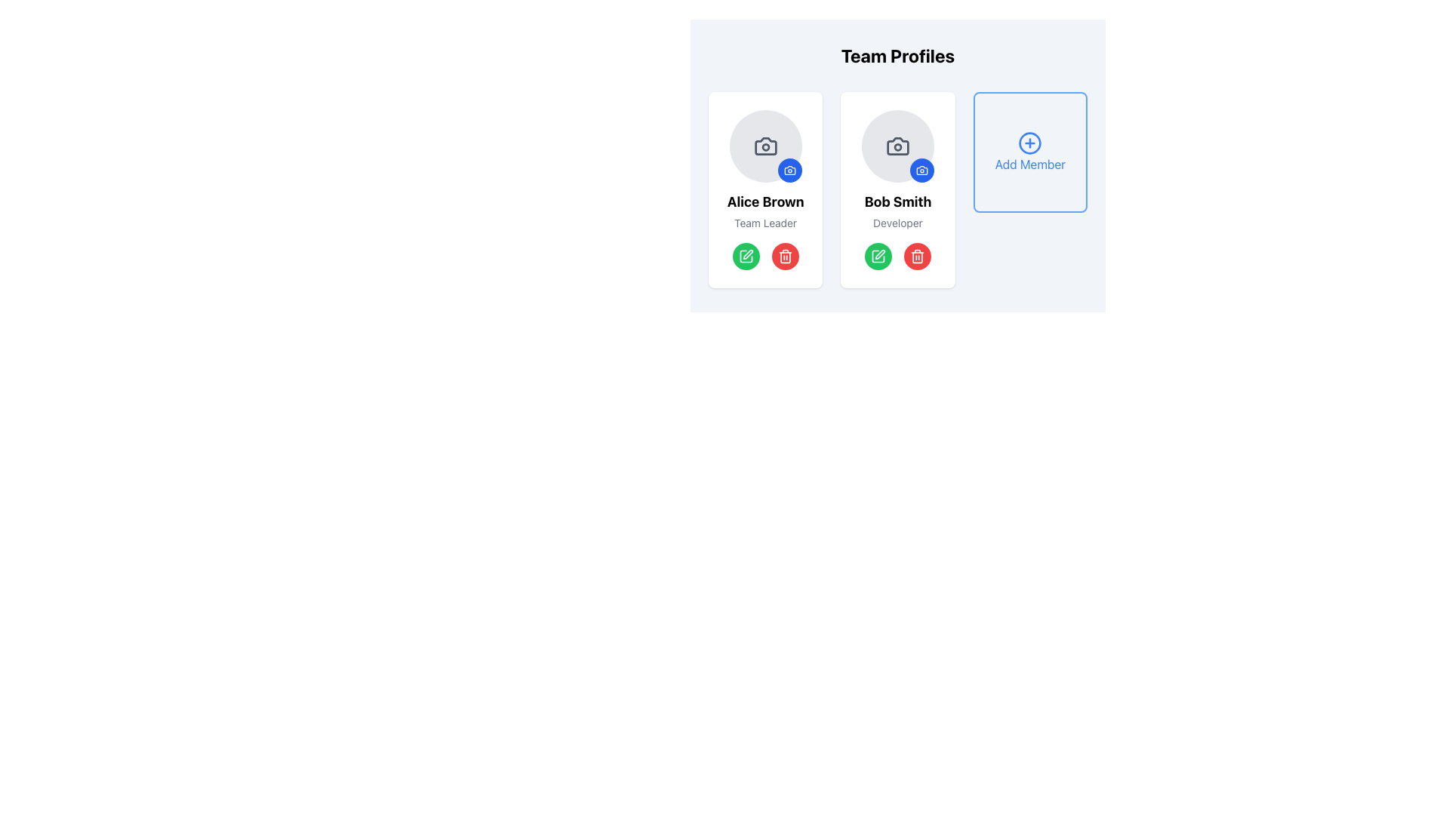  What do you see at coordinates (789, 170) in the screenshot?
I see `the button to upload or manage the profile picture for 'Alice Brown, Team Leader' located at the bottom-right corner of the circular profile picture area` at bounding box center [789, 170].